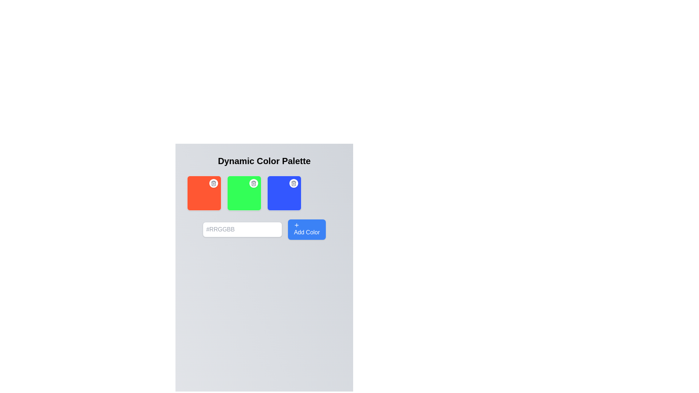  Describe the element at coordinates (293, 183) in the screenshot. I see `the vertical rectangle within the trash icon located in the blue color box at the rightmost position of the row` at that location.